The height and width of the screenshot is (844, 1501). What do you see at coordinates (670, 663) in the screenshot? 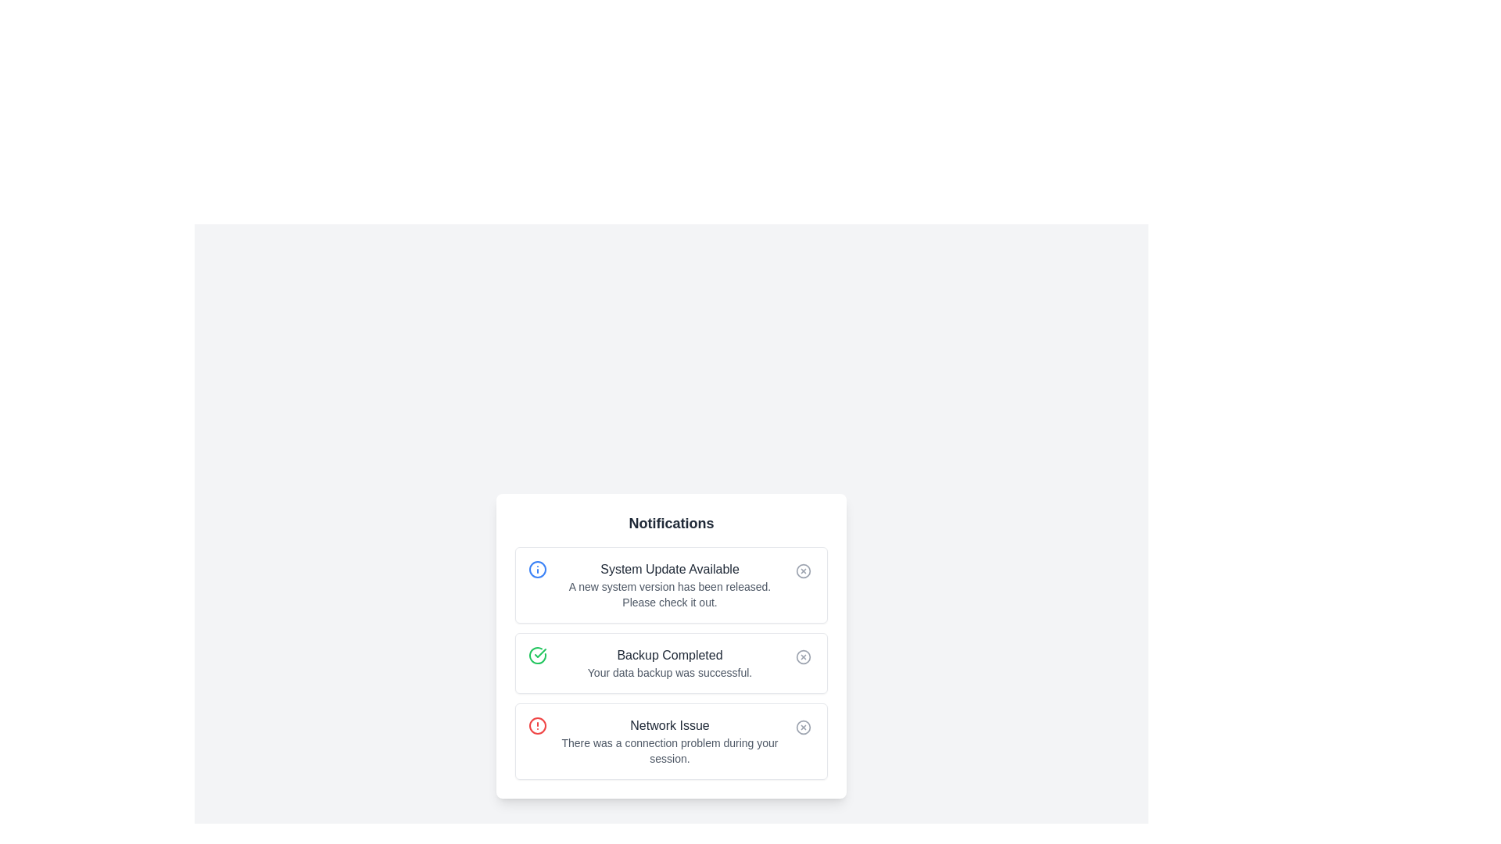
I see `notification message displaying 'Backup Completed' and 'Your data backup was successful.'` at bounding box center [670, 663].